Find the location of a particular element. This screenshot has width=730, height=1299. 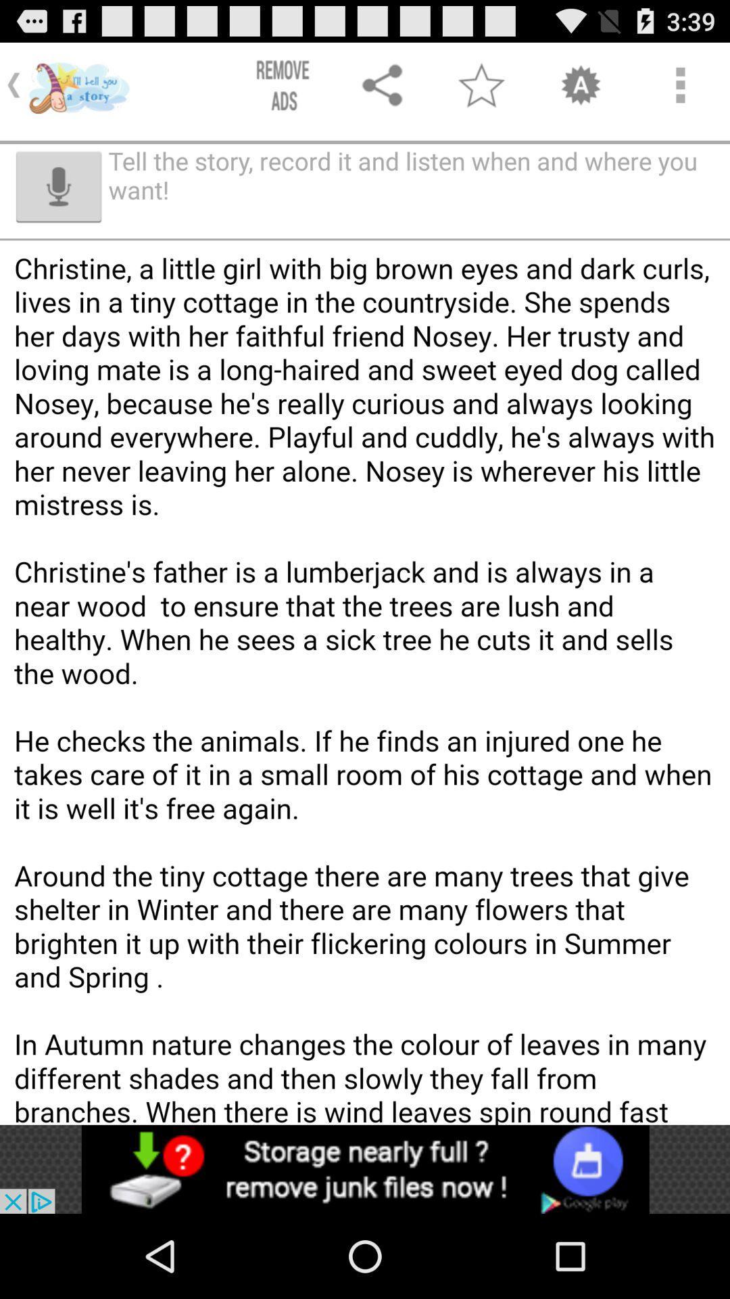

open page is located at coordinates (365, 1168).